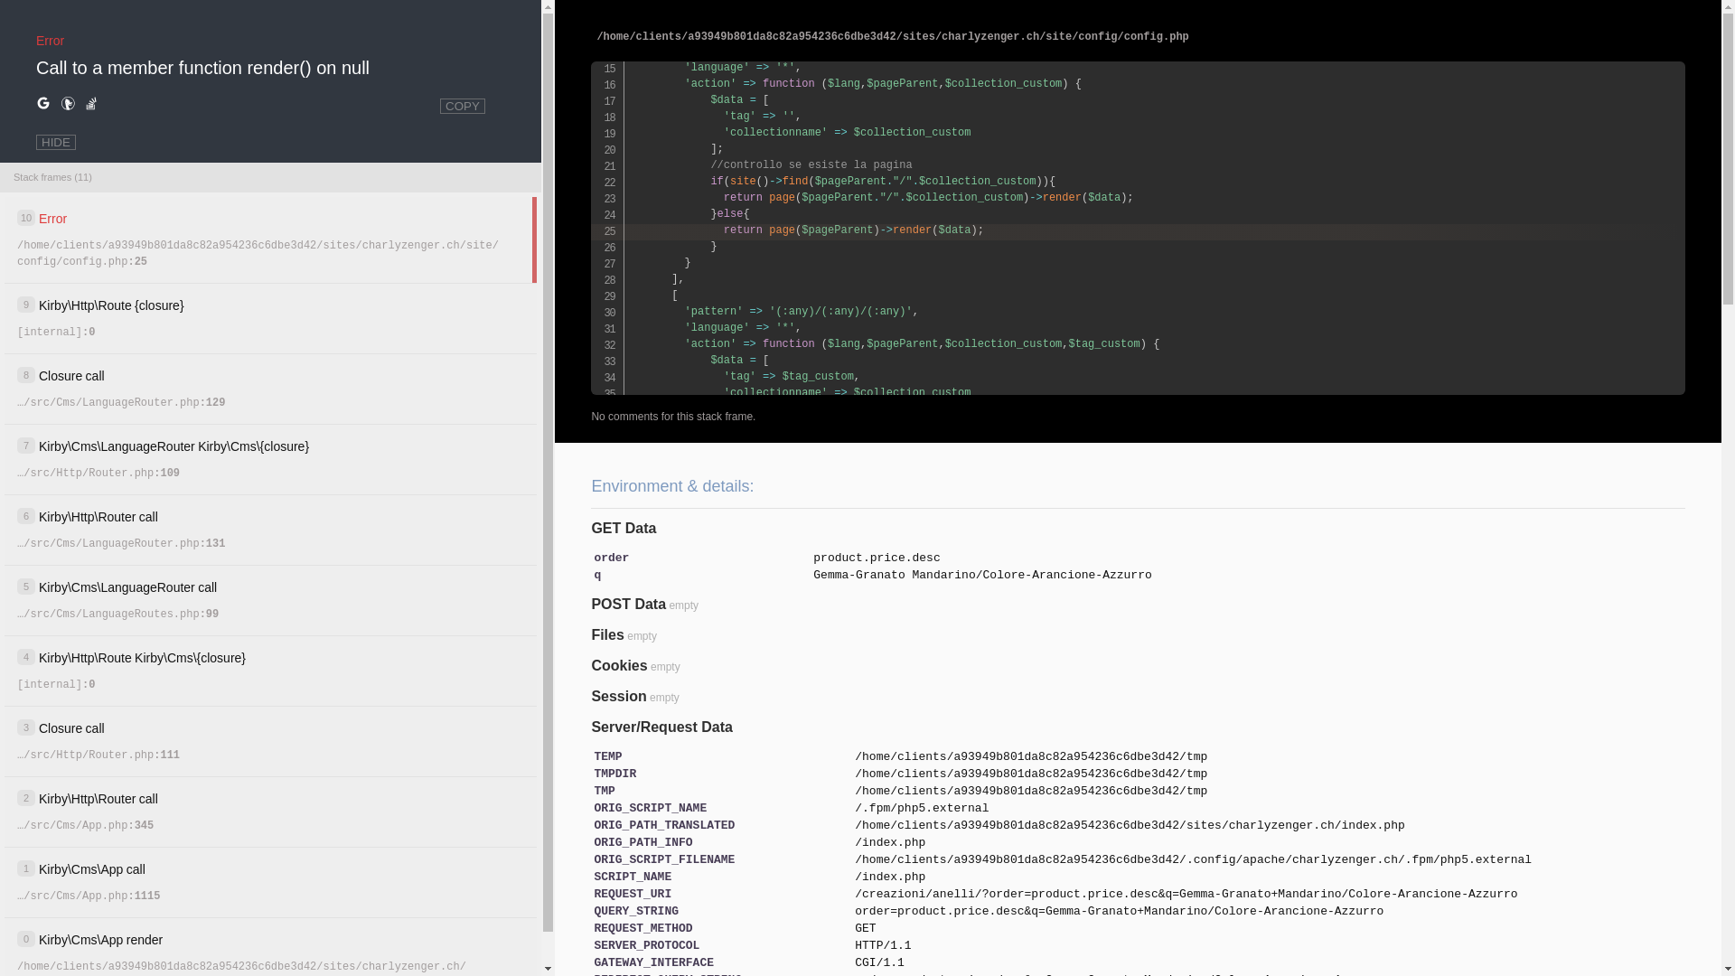 The image size is (1735, 976). What do you see at coordinates (68, 104) in the screenshot?
I see `'Search for help on DuckDuckGo.'` at bounding box center [68, 104].